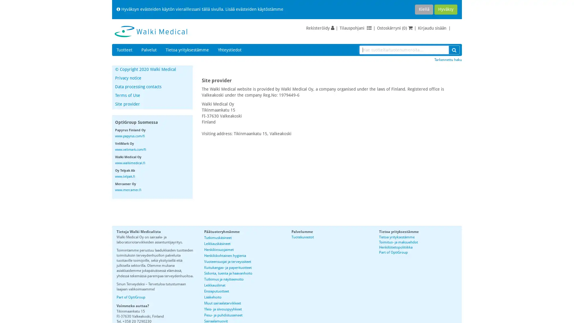 The width and height of the screenshot is (574, 323). What do you see at coordinates (424, 9) in the screenshot?
I see `Kiella` at bounding box center [424, 9].